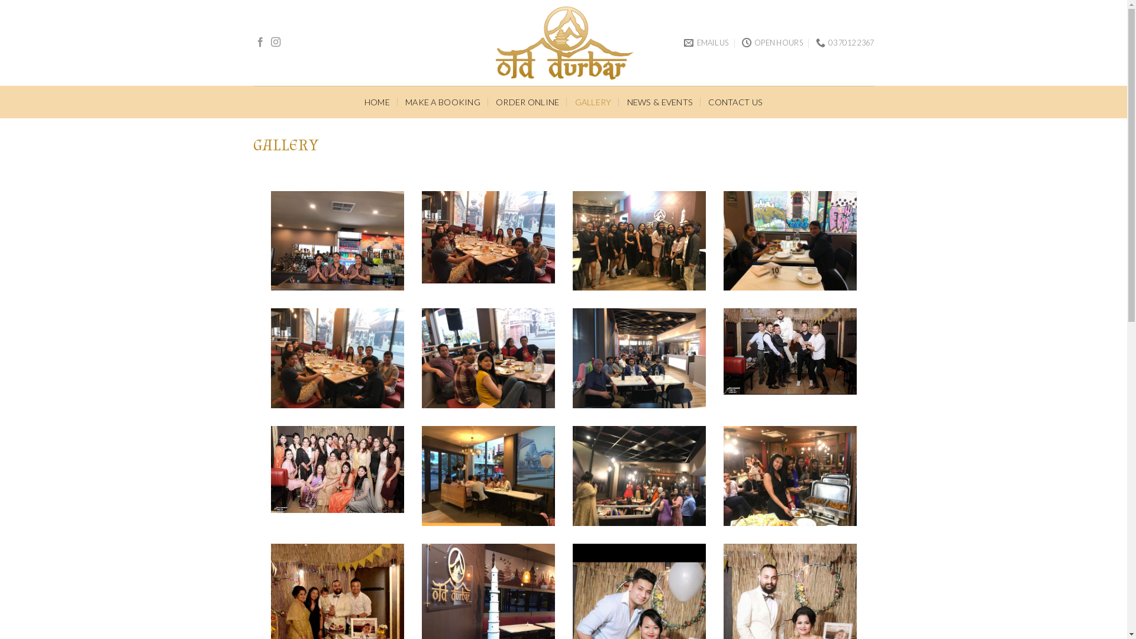  I want to click on 'EMAIL US', so click(684, 42).